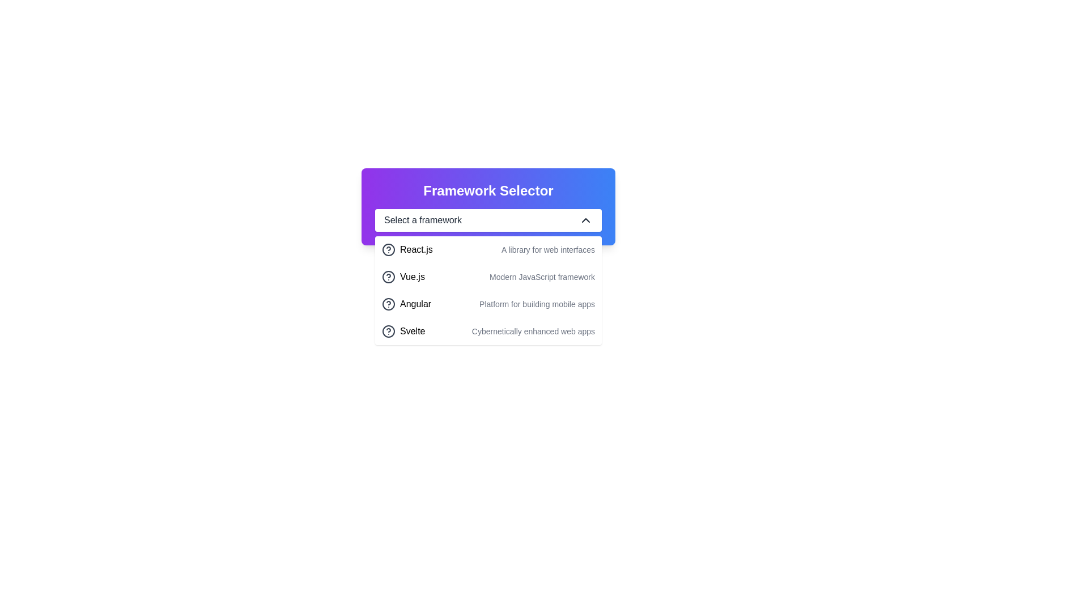 Image resolution: width=1088 pixels, height=612 pixels. I want to click on the Dropdown menu located within the 'Framework Selector' card, positioned near the upper part just below the title for keyboard navigation, so click(488, 220).